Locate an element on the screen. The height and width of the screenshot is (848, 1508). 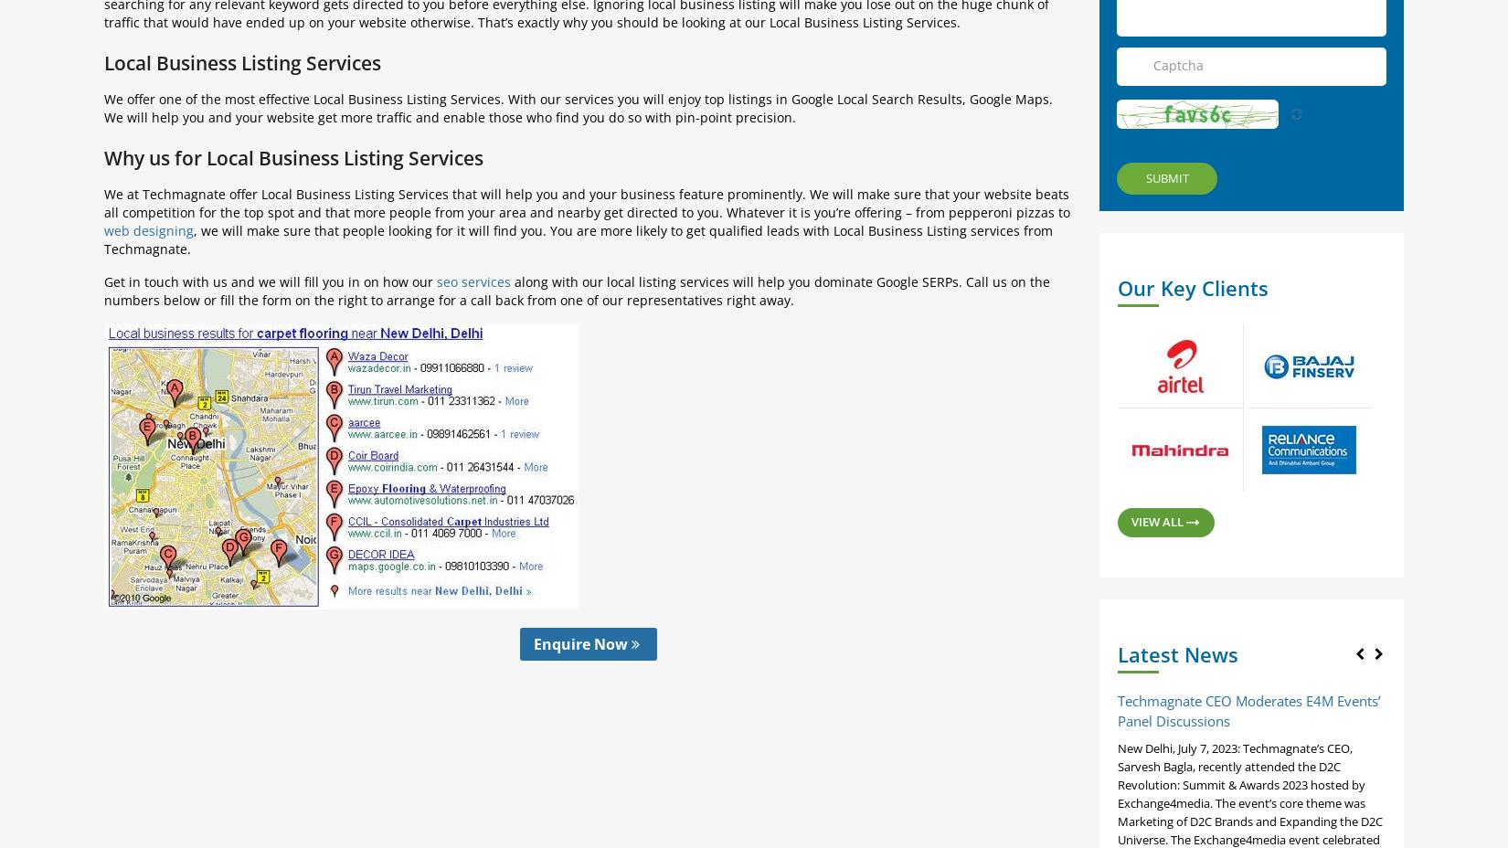
'View All' is located at coordinates (1158, 519).